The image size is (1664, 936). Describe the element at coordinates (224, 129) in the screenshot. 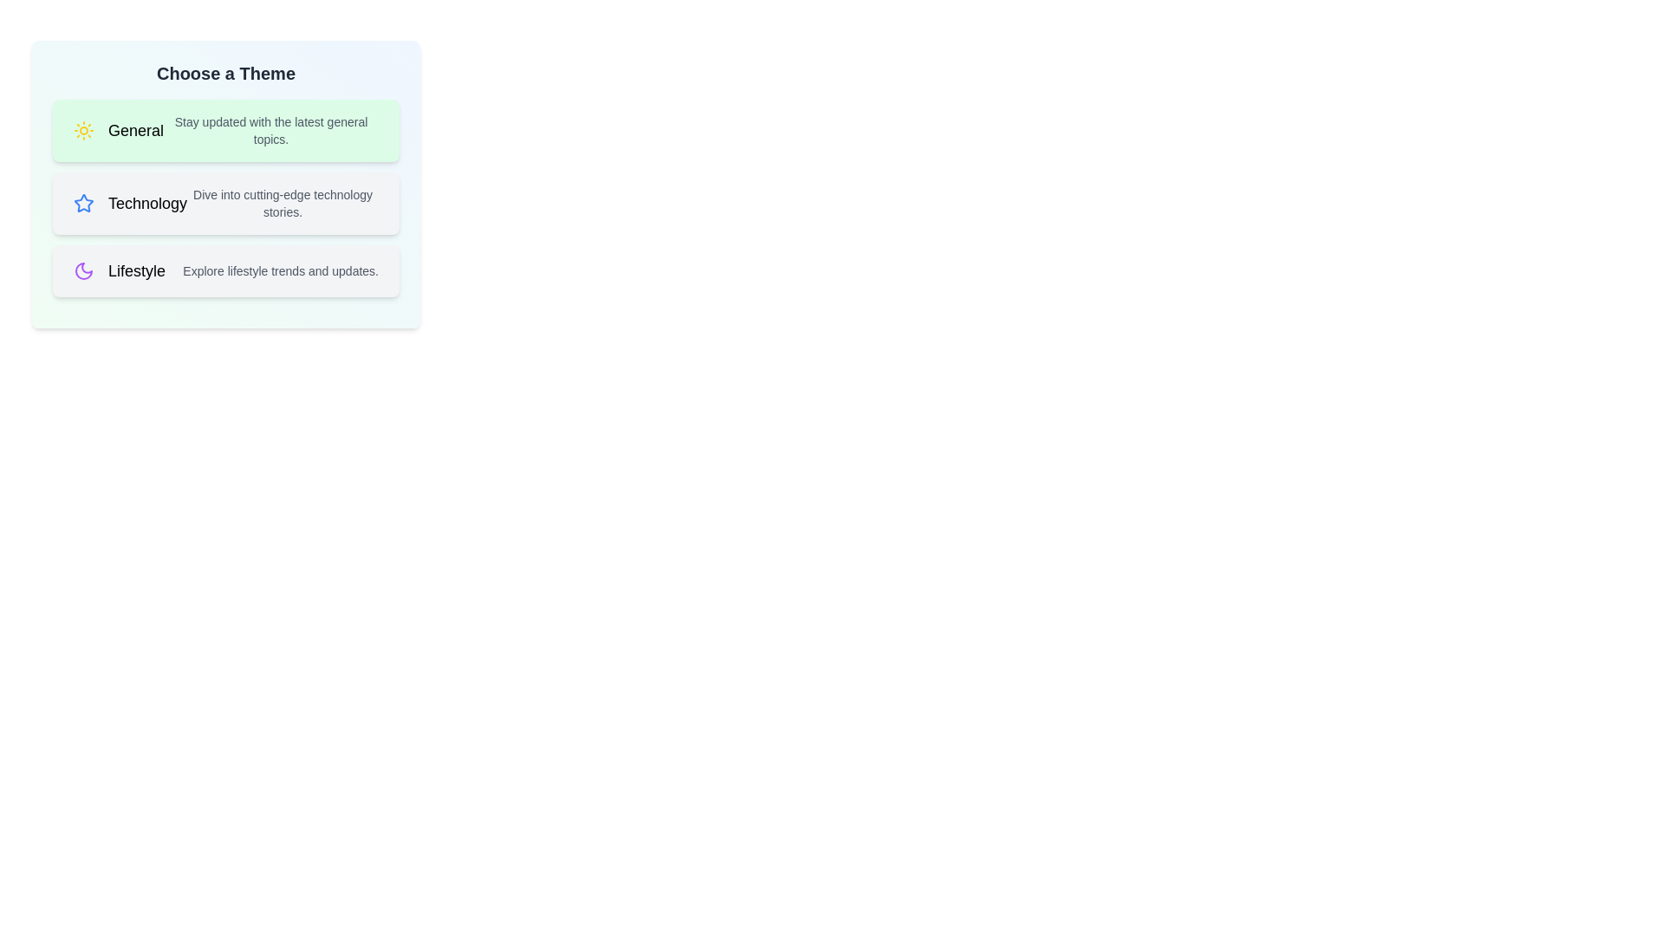

I see `the theme General from the list` at that location.